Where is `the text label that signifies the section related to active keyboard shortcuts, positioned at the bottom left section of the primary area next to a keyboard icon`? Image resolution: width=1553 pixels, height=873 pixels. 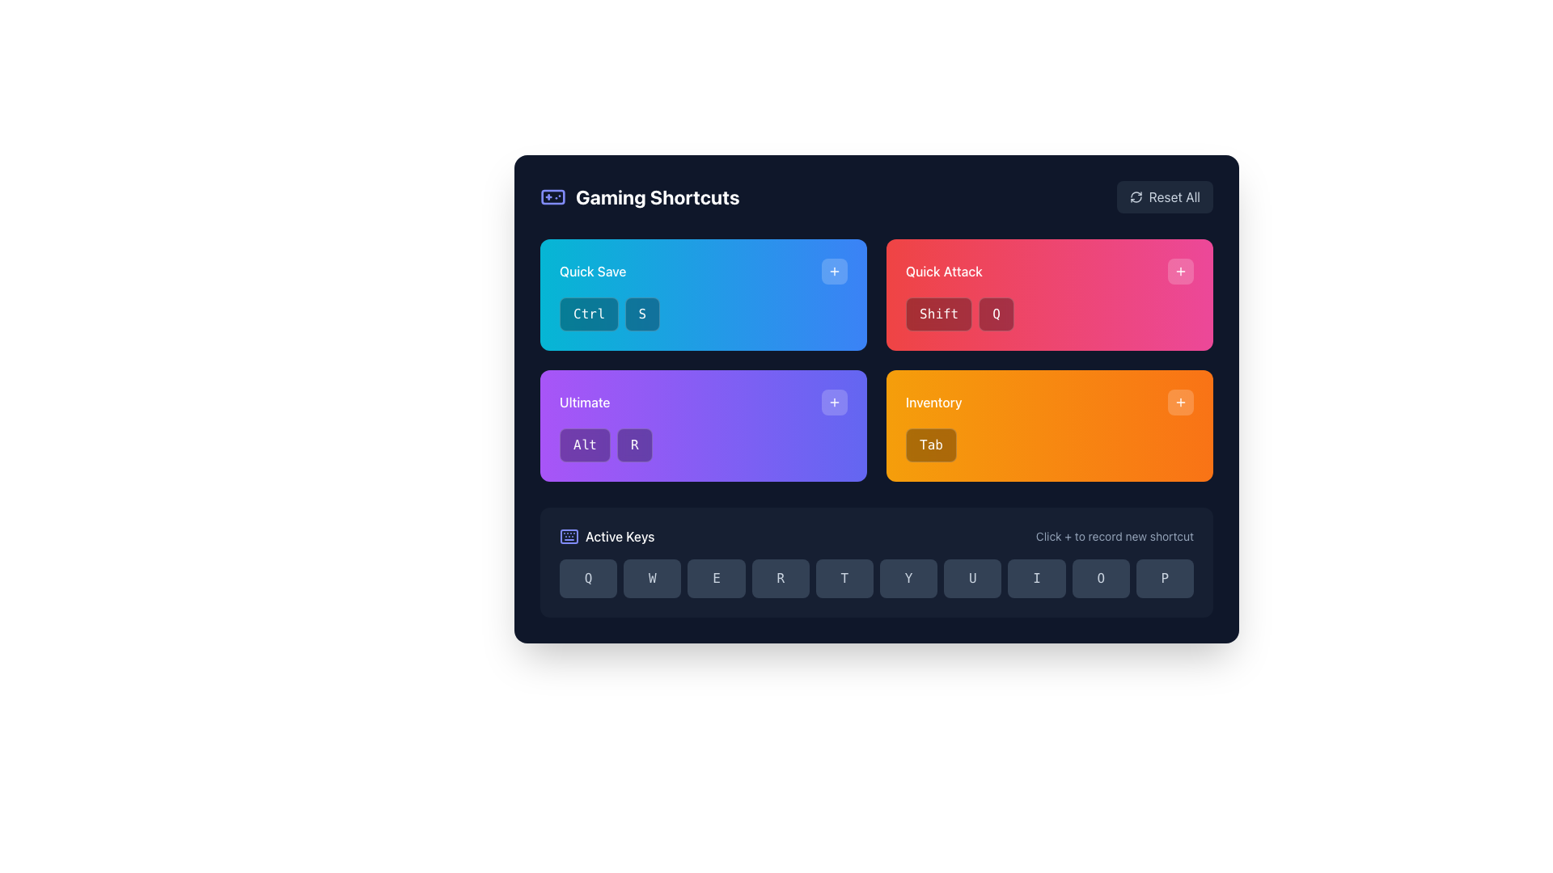 the text label that signifies the section related to active keyboard shortcuts, positioned at the bottom left section of the primary area next to a keyboard icon is located at coordinates (619, 536).